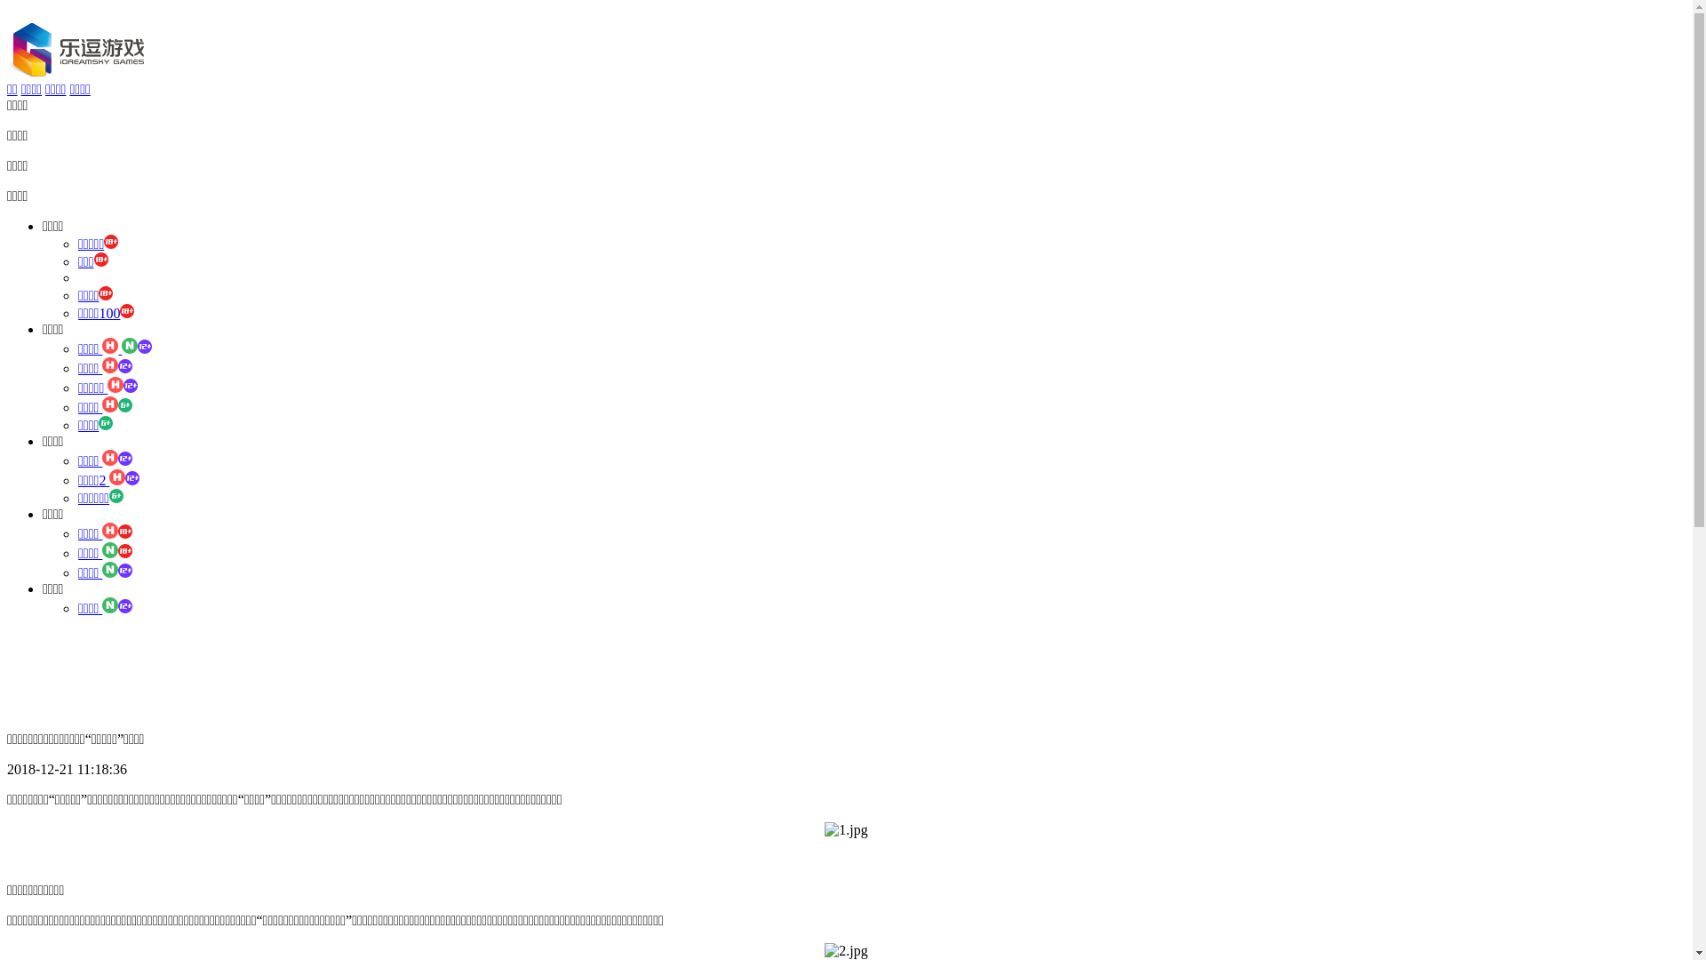 Image resolution: width=1706 pixels, height=960 pixels. I want to click on '1545362347566432.jpg', so click(844, 949).